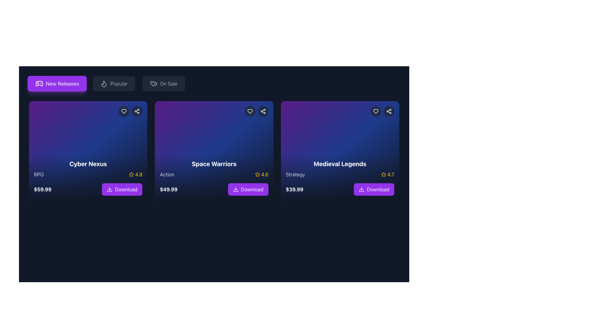 The width and height of the screenshot is (598, 336). I want to click on the text label displaying the price '$49.99' in white font below the genre description 'Action' and above the 'Download' button in the middle card titled 'Space Warriors', so click(168, 189).